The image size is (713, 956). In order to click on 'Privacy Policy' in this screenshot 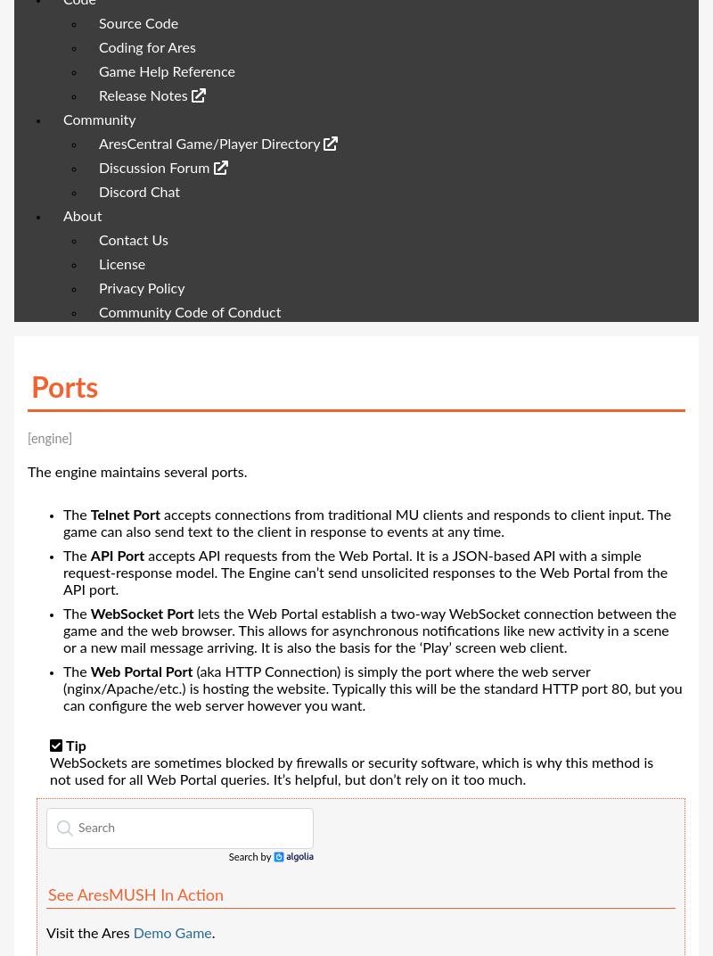, I will do `click(141, 287)`.